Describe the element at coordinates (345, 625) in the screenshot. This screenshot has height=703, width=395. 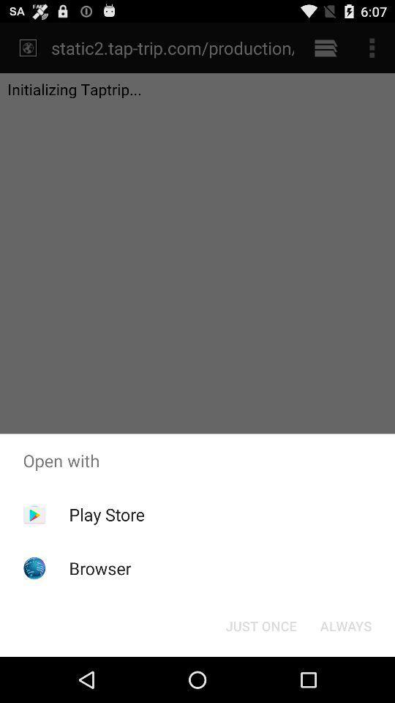
I see `the item next to the just once item` at that location.